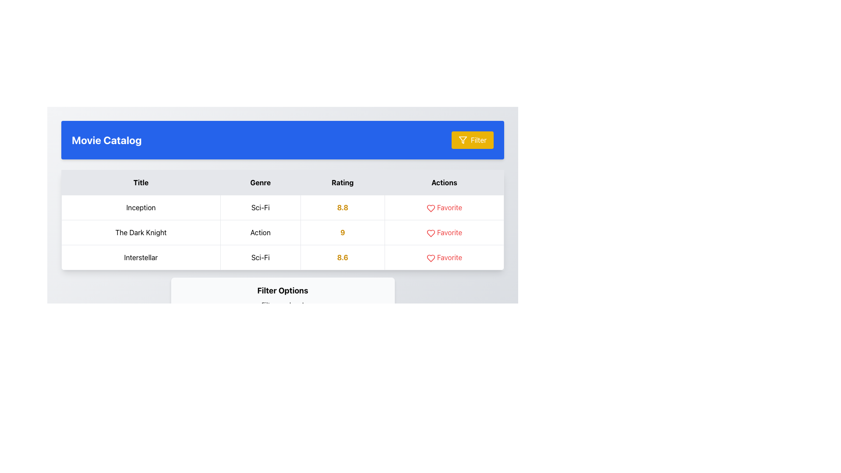  What do you see at coordinates (462, 140) in the screenshot?
I see `the filter icon located within the 'Filter' button, which is positioned in the top-right area of the layout near the blue header bar` at bounding box center [462, 140].